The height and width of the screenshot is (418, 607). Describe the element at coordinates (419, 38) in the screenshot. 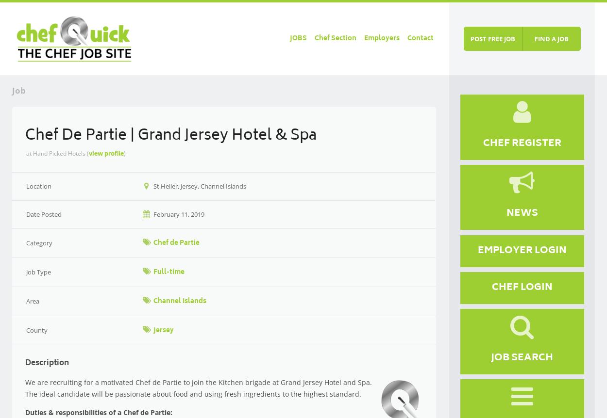

I see `'Contact'` at that location.